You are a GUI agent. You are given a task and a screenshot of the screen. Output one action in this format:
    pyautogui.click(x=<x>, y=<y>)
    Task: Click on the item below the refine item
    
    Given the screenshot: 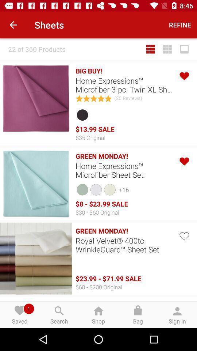 What is the action you would take?
    pyautogui.click(x=184, y=49)
    